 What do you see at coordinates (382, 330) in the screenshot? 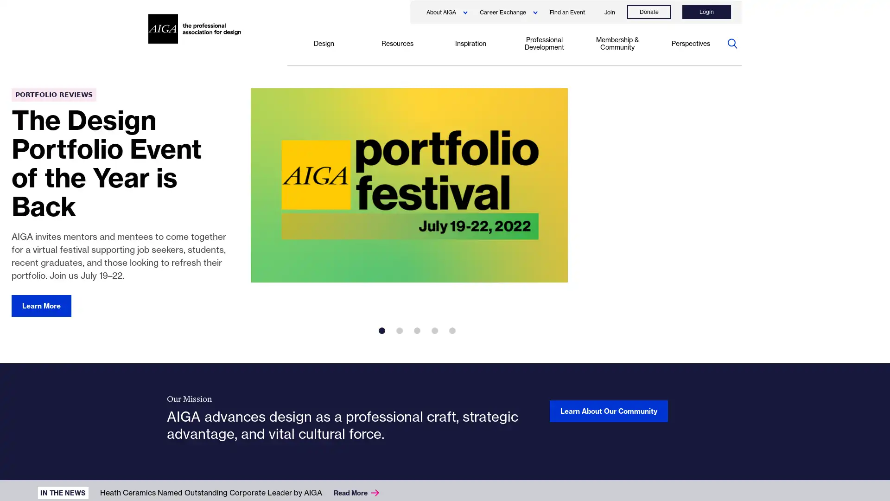
I see `1 of 5` at bounding box center [382, 330].